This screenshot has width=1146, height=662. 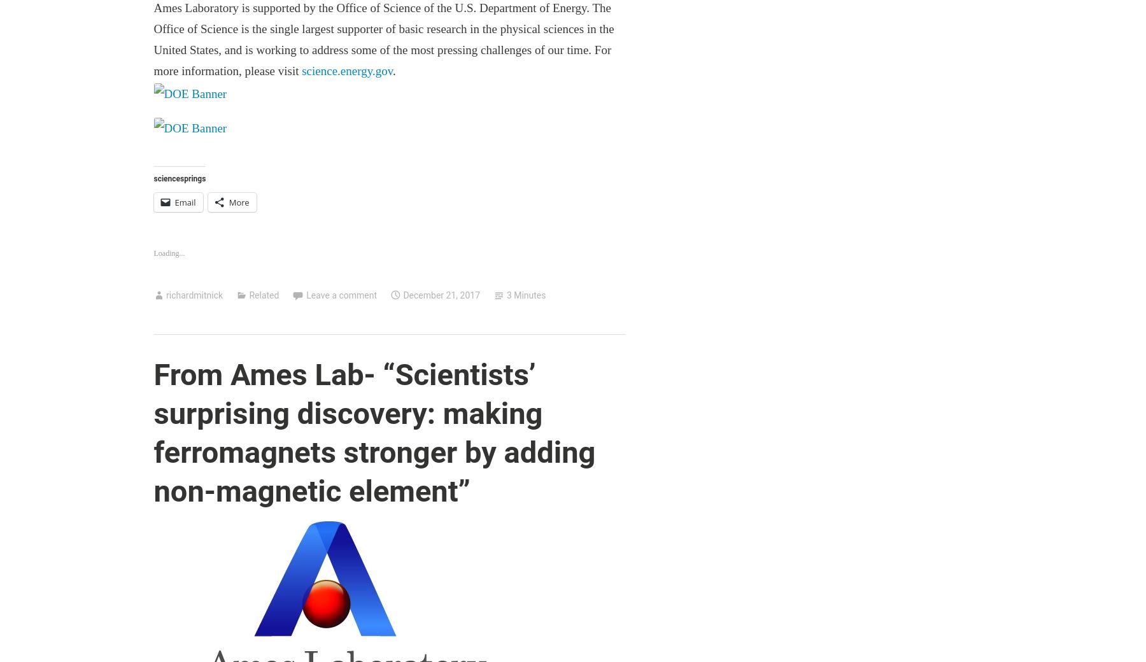 I want to click on 'Email', so click(x=173, y=202).